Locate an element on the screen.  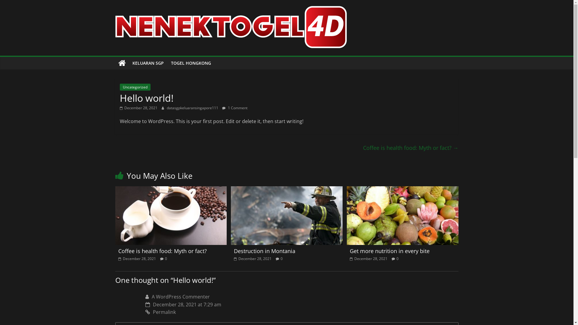
'KELUARAN SGP' is located at coordinates (148, 63).